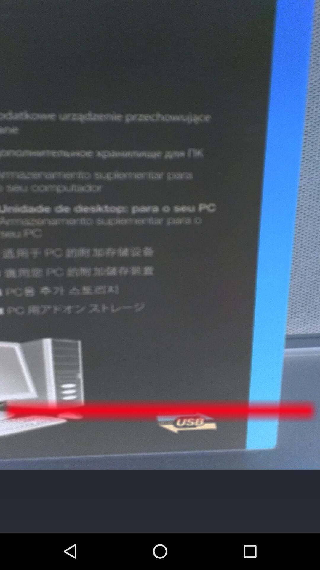 This screenshot has height=570, width=320. What do you see at coordinates (159, 501) in the screenshot?
I see `the item at the bottom` at bounding box center [159, 501].